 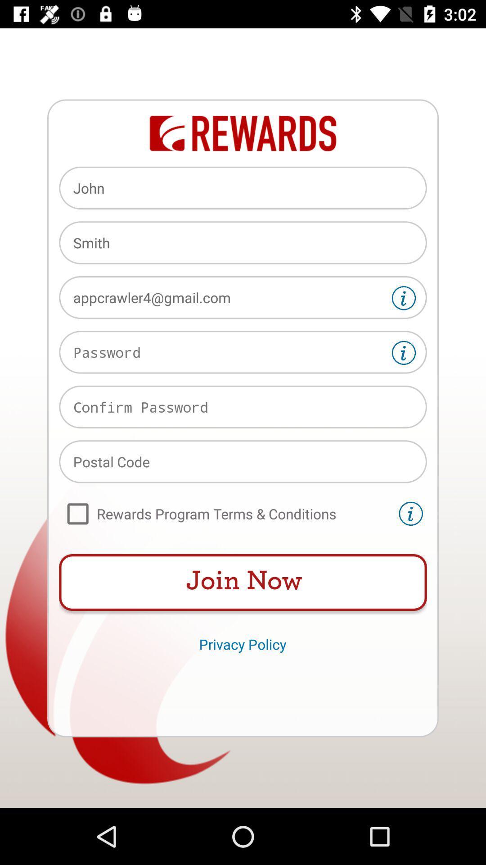 I want to click on icon below smith icon, so click(x=243, y=297).